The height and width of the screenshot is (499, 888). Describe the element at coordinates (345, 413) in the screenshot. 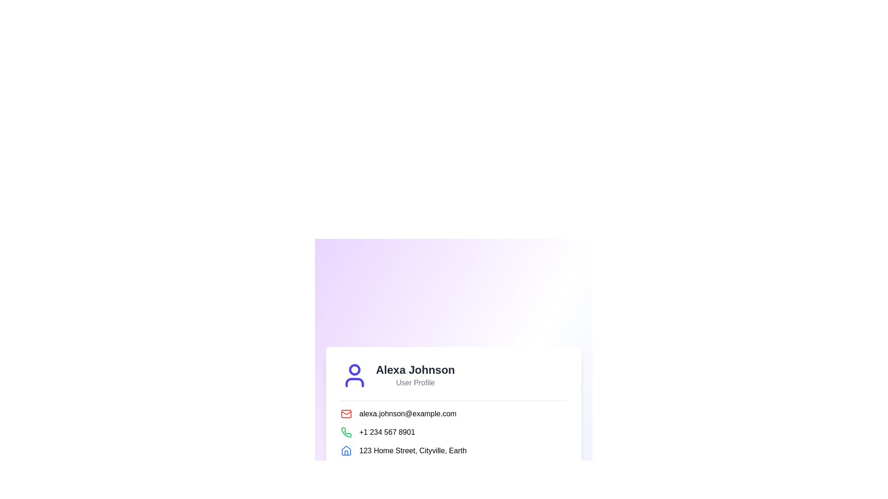

I see `the rectangular envelope icon that represents email communication in the user profile card, located to the left of the email address 'alexa.johnson@example.com'` at that location.